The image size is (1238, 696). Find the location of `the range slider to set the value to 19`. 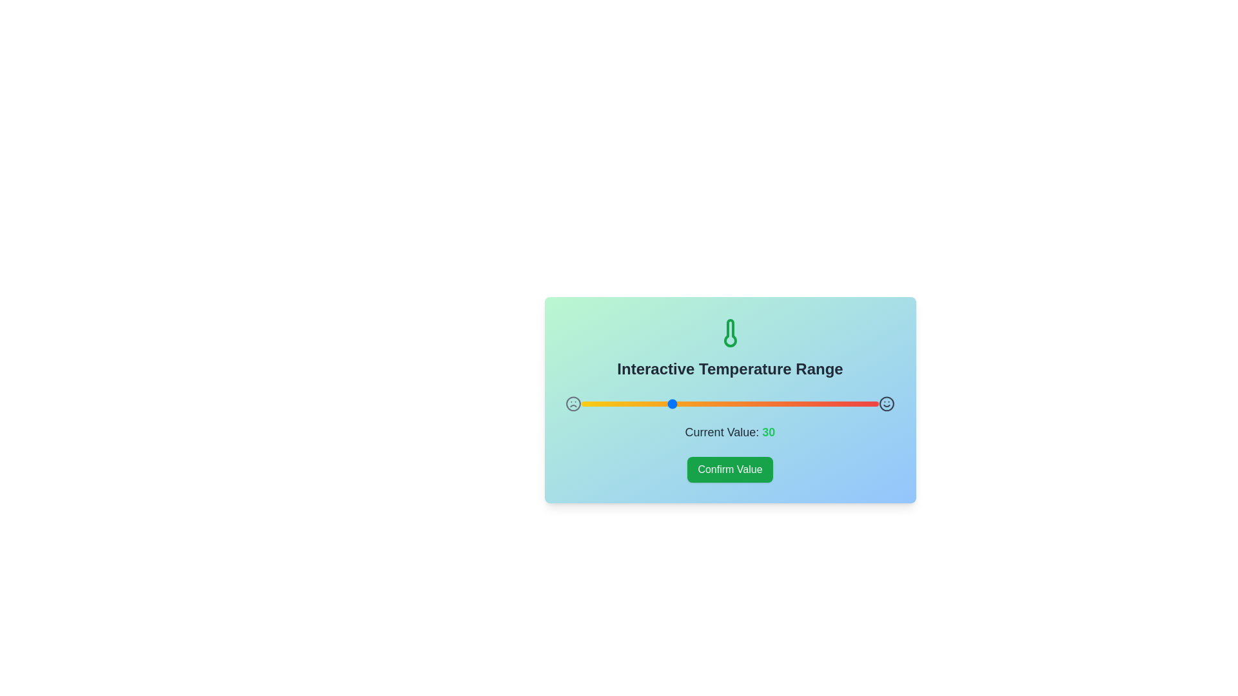

the range slider to set the value to 19 is located at coordinates (638, 403).